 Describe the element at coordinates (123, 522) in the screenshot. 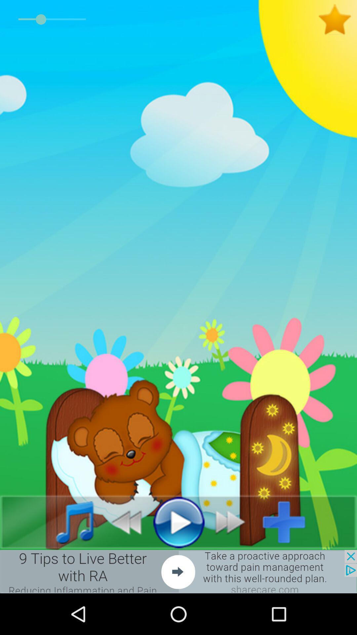

I see `the av_rewind icon` at that location.